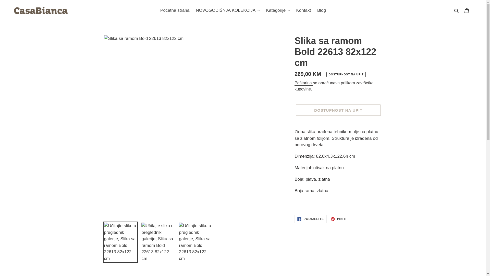 The width and height of the screenshot is (490, 276). I want to click on 'Korpa', so click(467, 10).